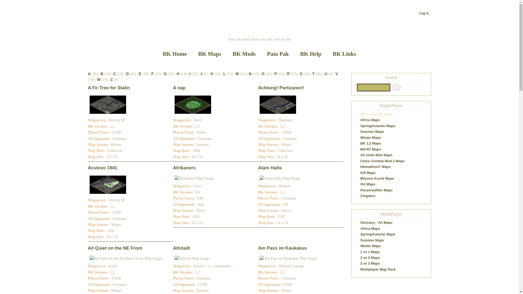 The height and width of the screenshot is (294, 523). I want to click on 'Skip to main content', so click(259, 1).